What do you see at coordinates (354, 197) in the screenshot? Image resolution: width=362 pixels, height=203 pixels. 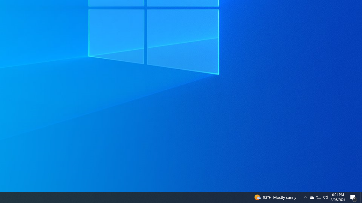 I see `'Action Center, 1 new notification'` at bounding box center [354, 197].